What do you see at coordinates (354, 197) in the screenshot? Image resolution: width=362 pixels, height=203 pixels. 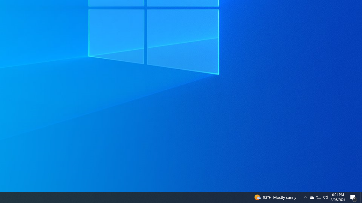 I see `'Action Center, 1 new notification'` at bounding box center [354, 197].